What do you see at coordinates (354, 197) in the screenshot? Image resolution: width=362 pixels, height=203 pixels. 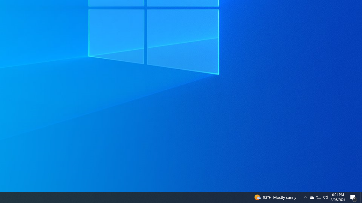 I see `'Action Center, 1 new notification'` at bounding box center [354, 197].